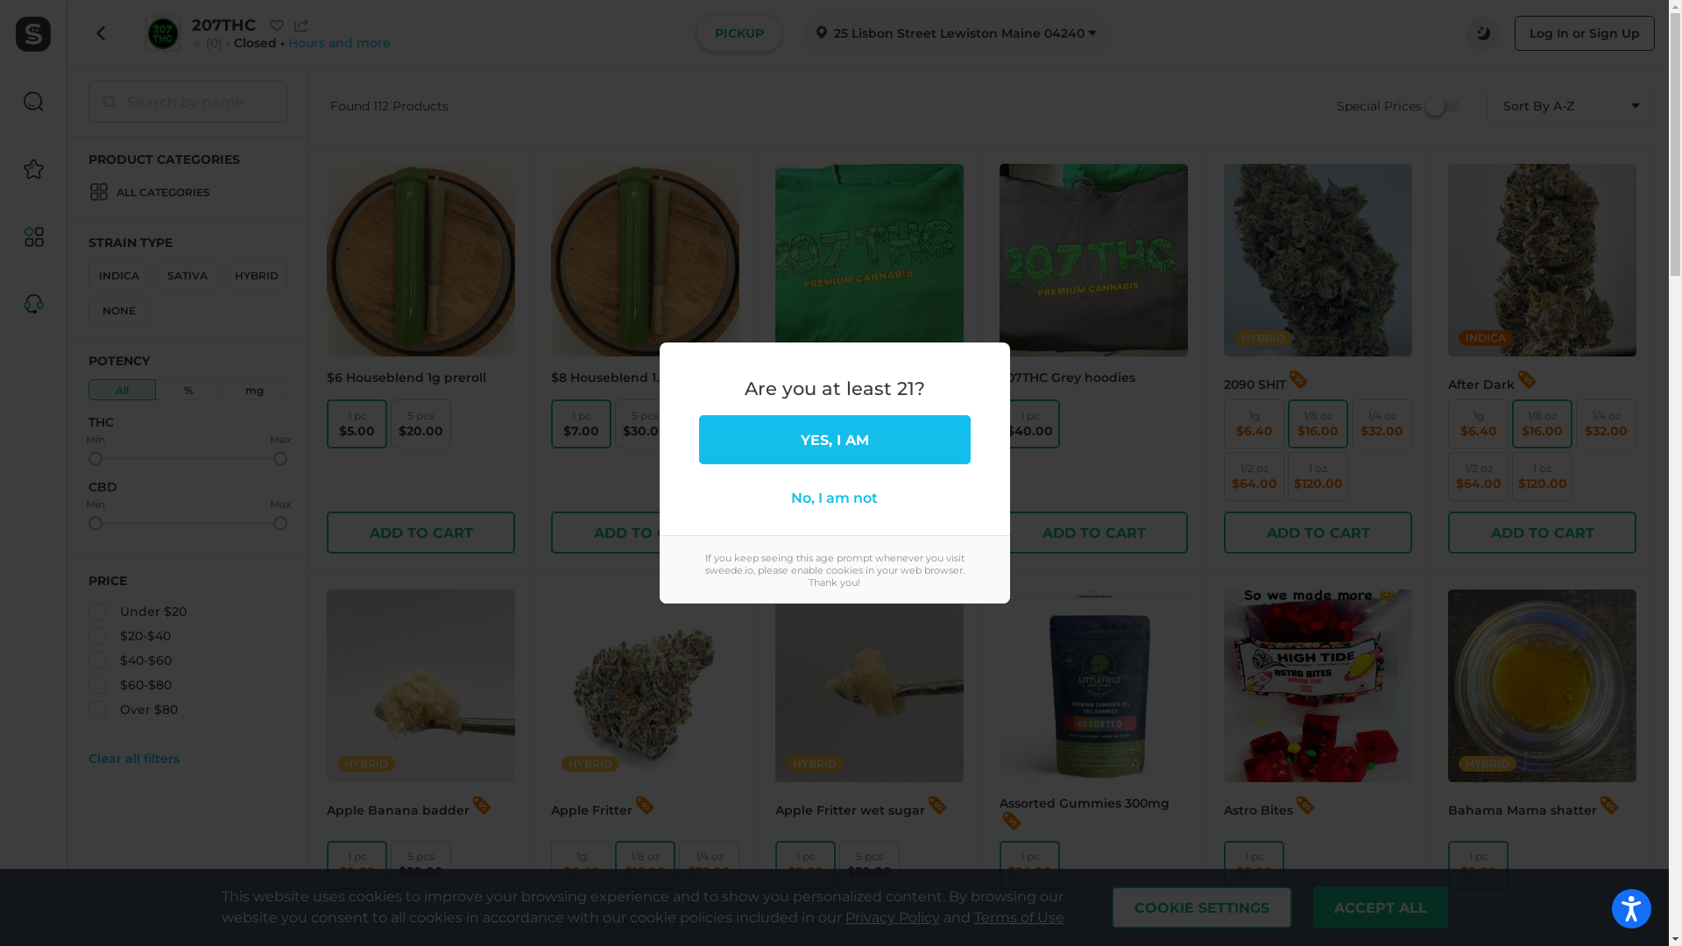 The height and width of the screenshot is (946, 1682). What do you see at coordinates (834, 438) in the screenshot?
I see `'YES, I AM'` at bounding box center [834, 438].